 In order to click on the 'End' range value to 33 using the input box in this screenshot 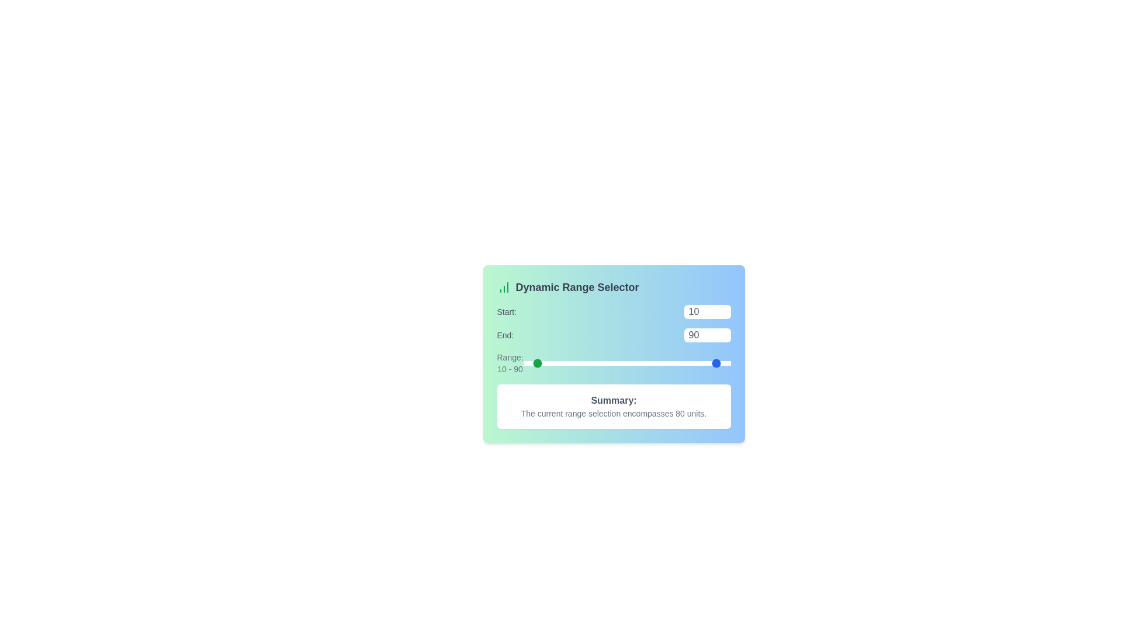, I will do `click(707, 335)`.